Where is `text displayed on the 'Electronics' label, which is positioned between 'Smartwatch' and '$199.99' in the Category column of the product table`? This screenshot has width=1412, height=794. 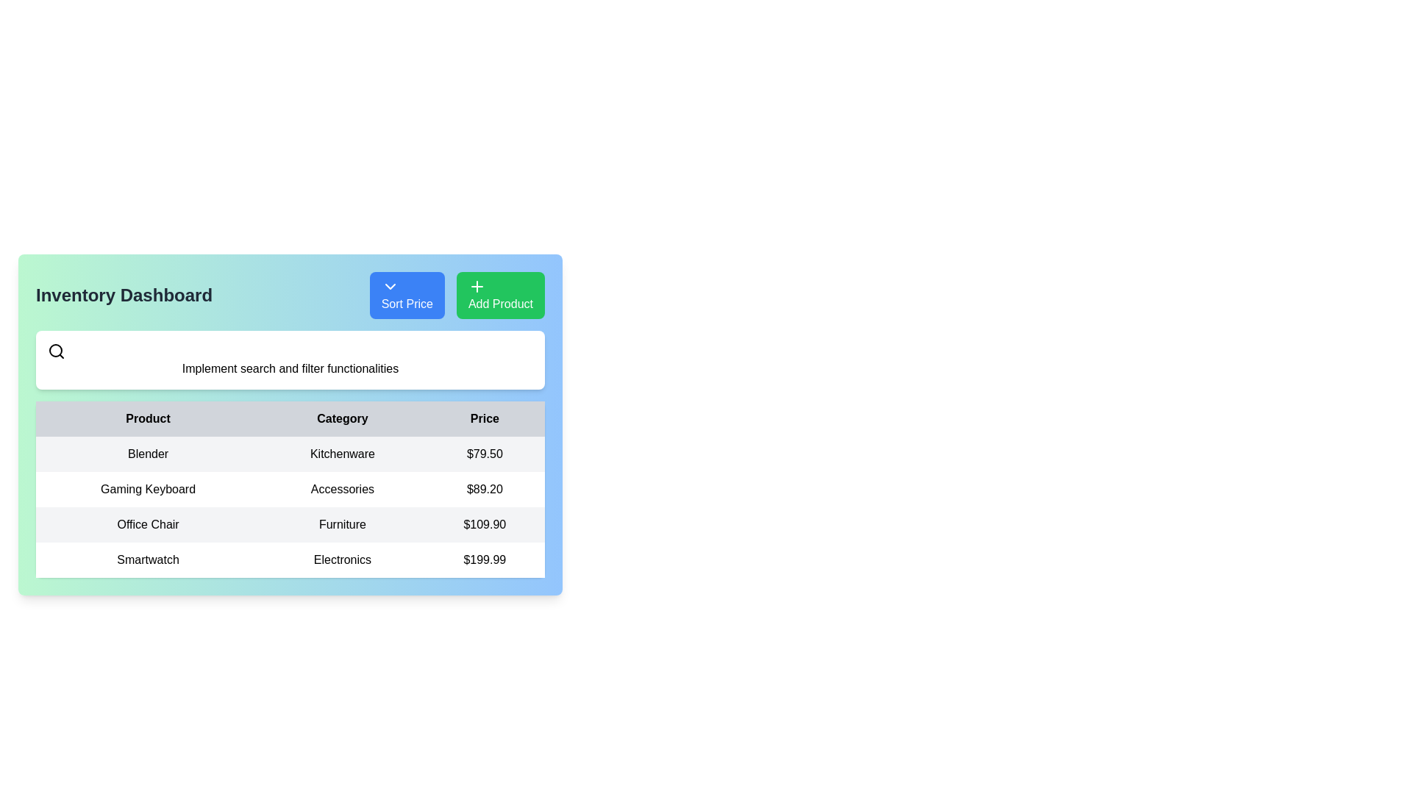
text displayed on the 'Electronics' label, which is positioned between 'Smartwatch' and '$199.99' in the Category column of the product table is located at coordinates (341, 560).